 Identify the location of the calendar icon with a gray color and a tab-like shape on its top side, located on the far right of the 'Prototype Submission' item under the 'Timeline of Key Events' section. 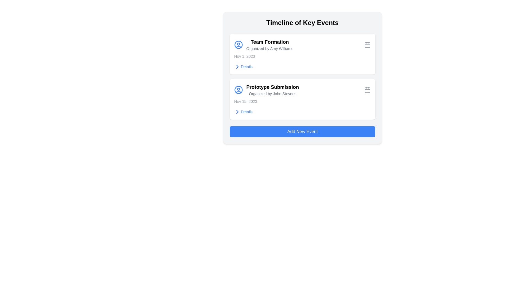
(368, 90).